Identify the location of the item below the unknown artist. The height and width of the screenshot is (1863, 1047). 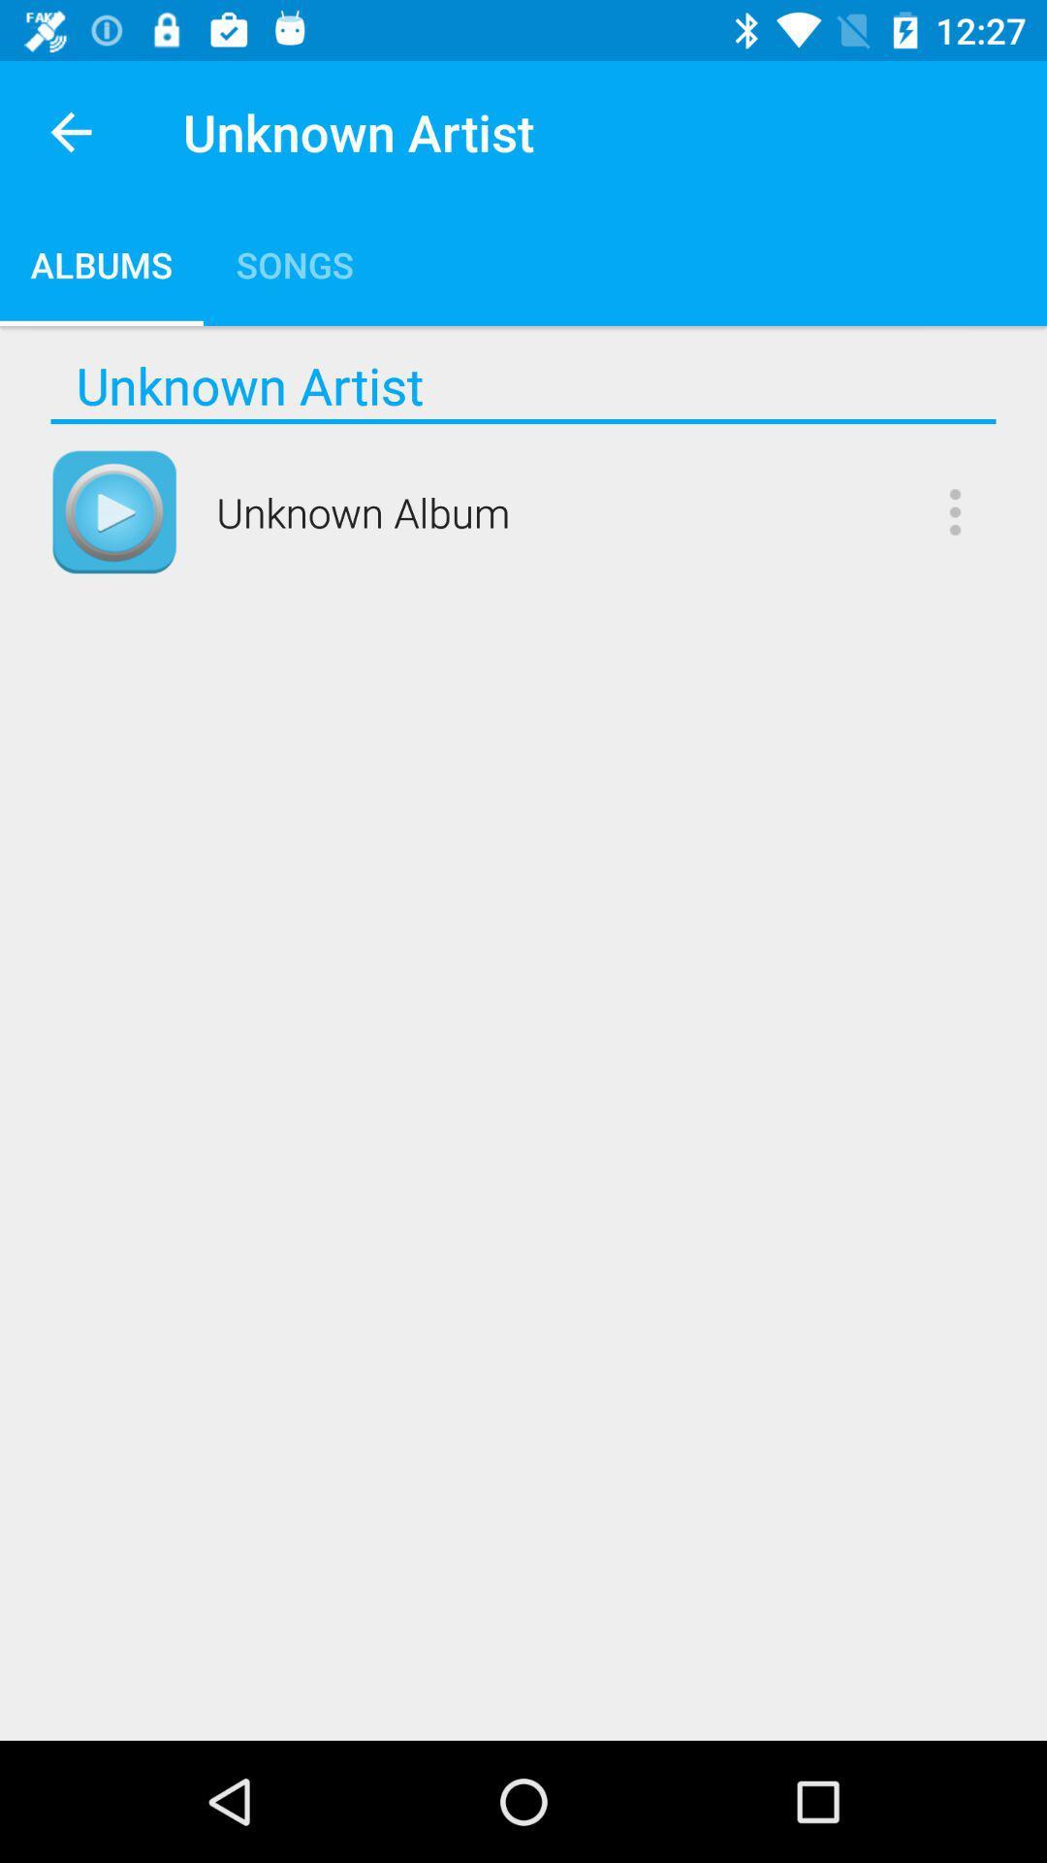
(523, 420).